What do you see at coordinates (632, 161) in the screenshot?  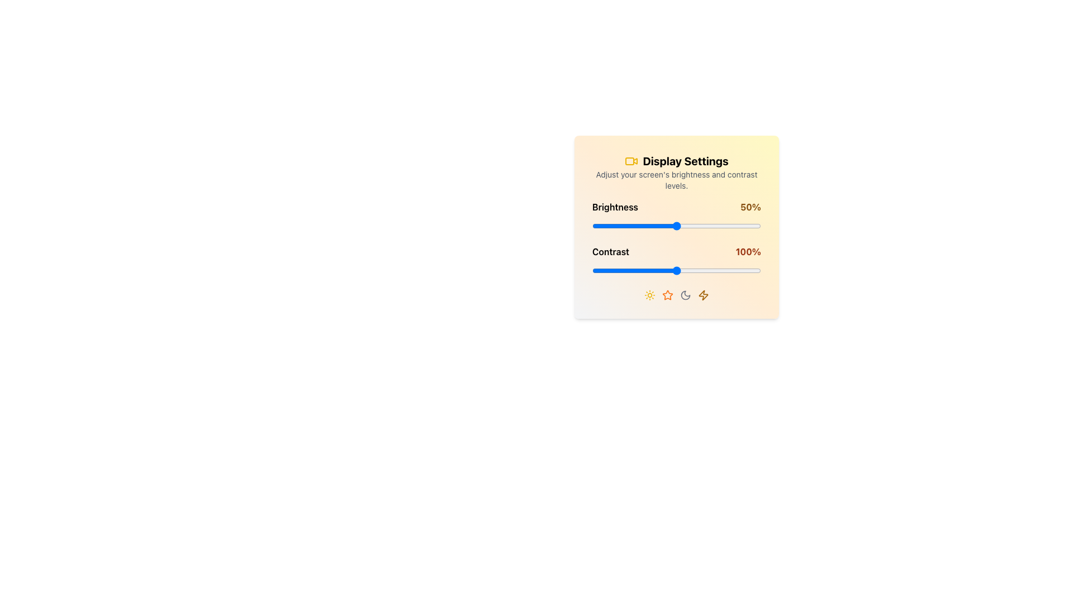 I see `the icon representing video-related settings in the header section of the 'Display Settings' panel, located to the left of the text 'Display Settings'` at bounding box center [632, 161].